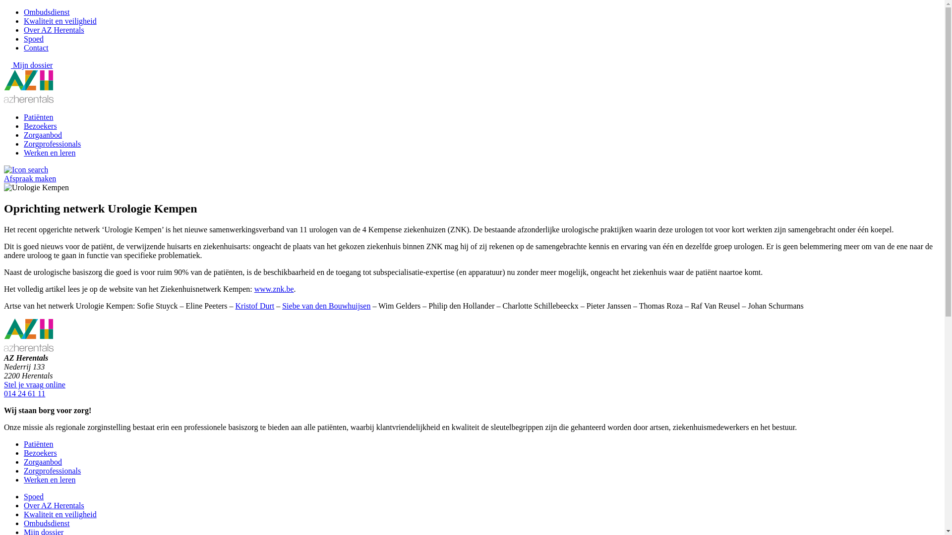 This screenshot has width=952, height=535. Describe the element at coordinates (274, 289) in the screenshot. I see `'www.znk.be'` at that location.